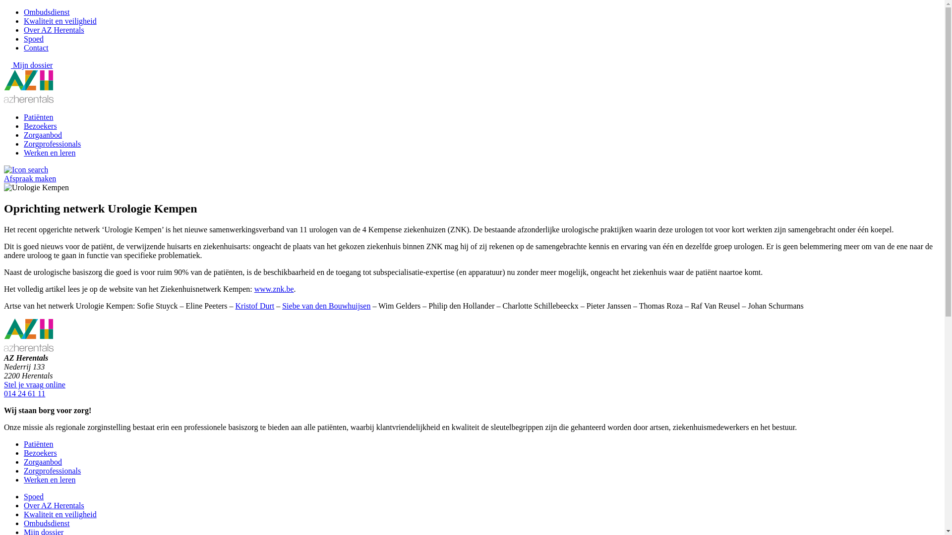 This screenshot has width=952, height=535. Describe the element at coordinates (274, 289) in the screenshot. I see `'www.znk.be'` at that location.